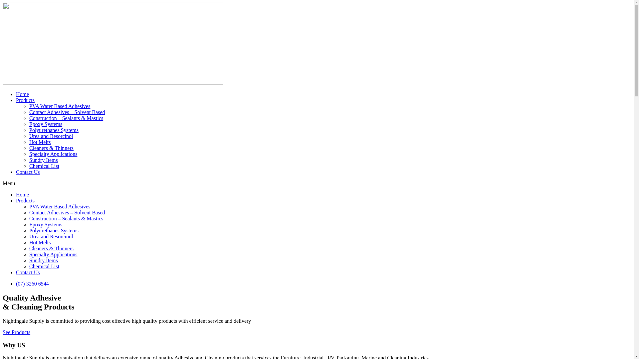 This screenshot has width=639, height=359. I want to click on 'Home', so click(16, 94).